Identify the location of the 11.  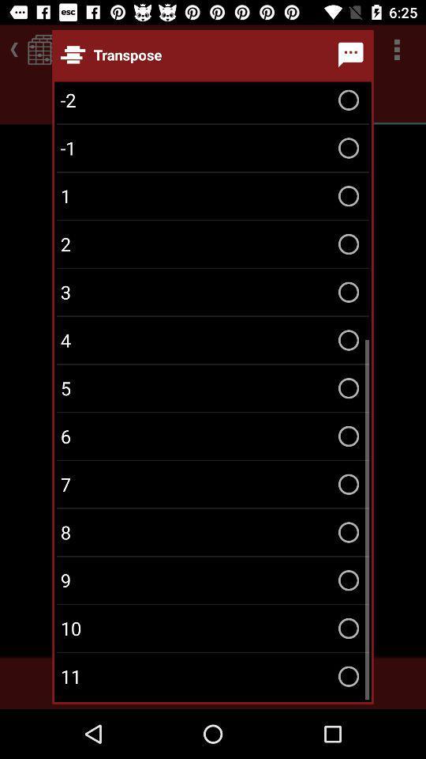
(213, 675).